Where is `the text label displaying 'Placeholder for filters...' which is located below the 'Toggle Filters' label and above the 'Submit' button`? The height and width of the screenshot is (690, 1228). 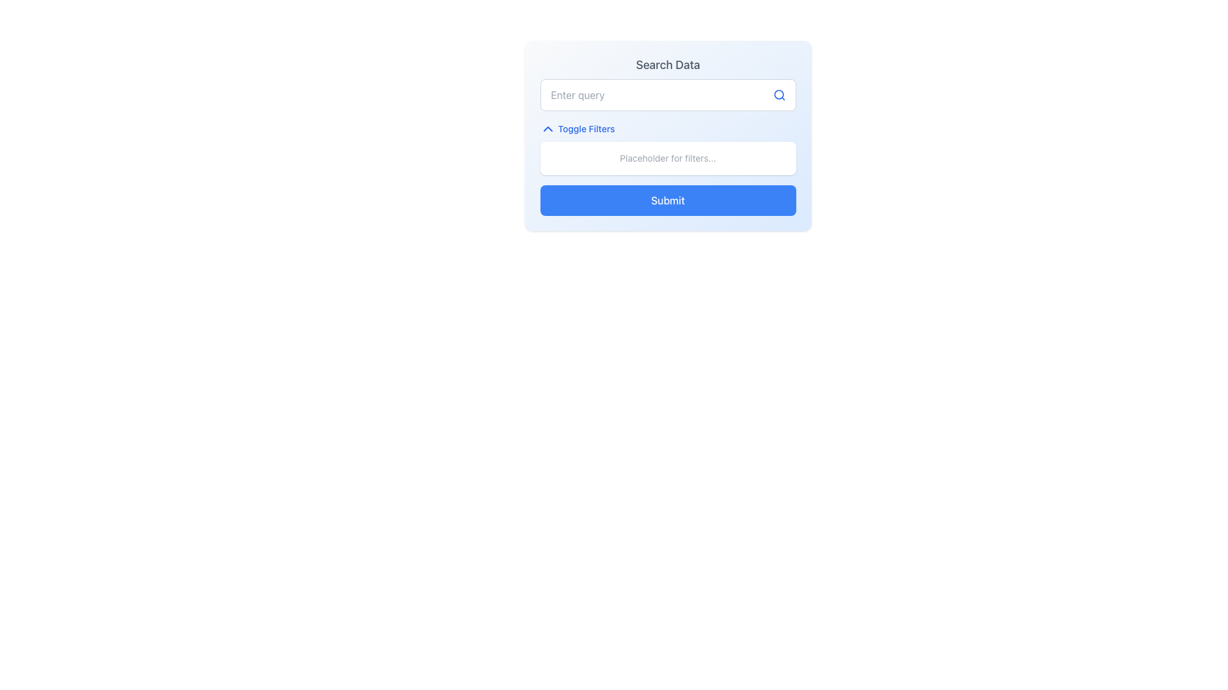 the text label displaying 'Placeholder for filters...' which is located below the 'Toggle Filters' label and above the 'Submit' button is located at coordinates (667, 157).